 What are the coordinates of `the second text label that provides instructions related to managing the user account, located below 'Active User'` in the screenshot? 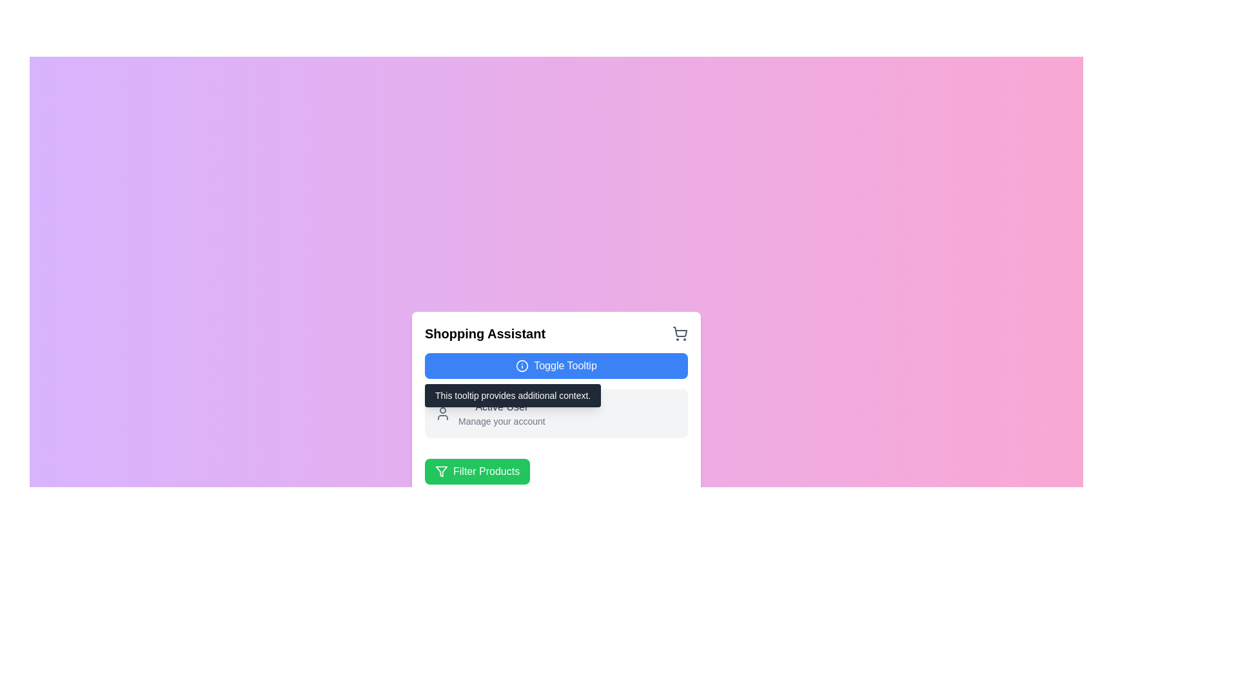 It's located at (501, 421).